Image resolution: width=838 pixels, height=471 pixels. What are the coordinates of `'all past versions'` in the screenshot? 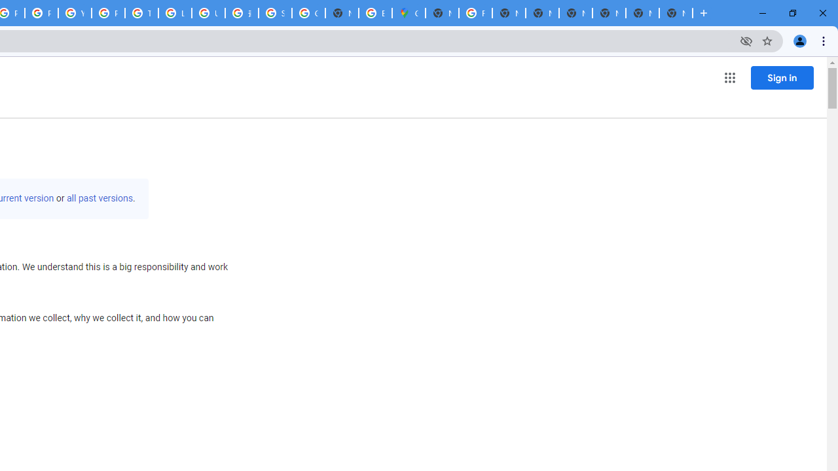 It's located at (99, 198).